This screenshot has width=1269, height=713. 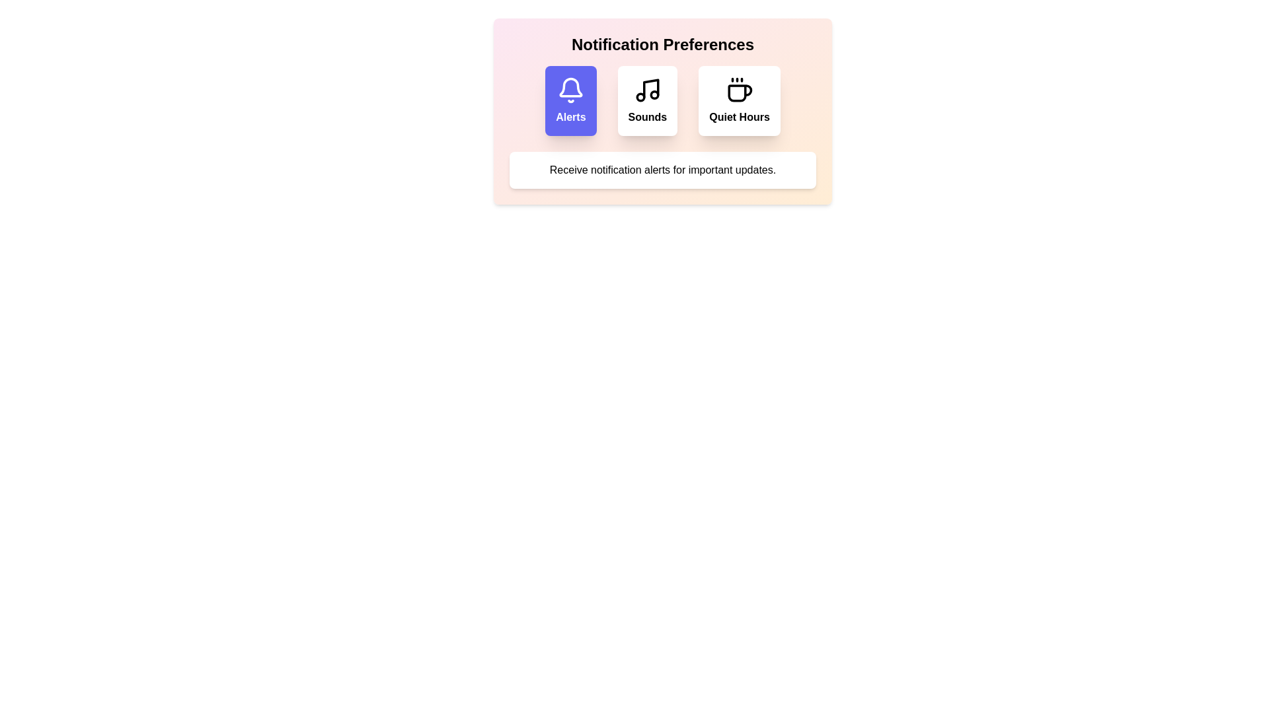 I want to click on the option Sounds to view its description, so click(x=647, y=100).